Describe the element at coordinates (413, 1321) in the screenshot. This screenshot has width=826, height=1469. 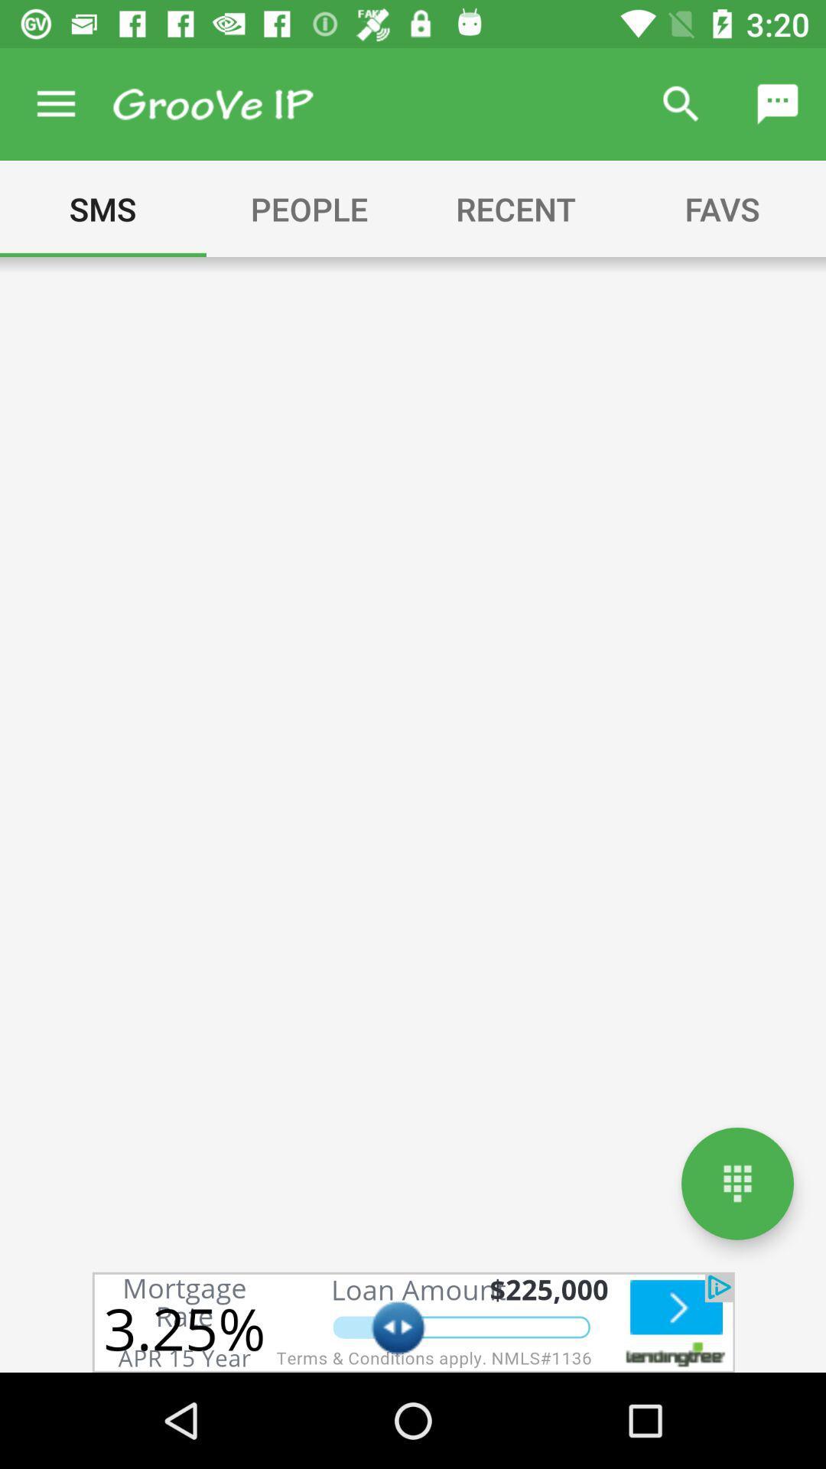
I see `3.25` at that location.